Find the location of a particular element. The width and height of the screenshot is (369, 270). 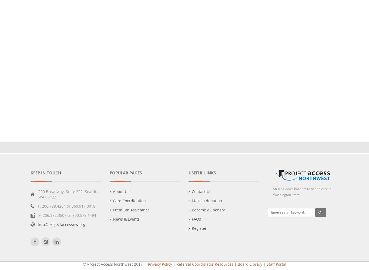

'© Project Access Northwest 2017.' is located at coordinates (82, 264).